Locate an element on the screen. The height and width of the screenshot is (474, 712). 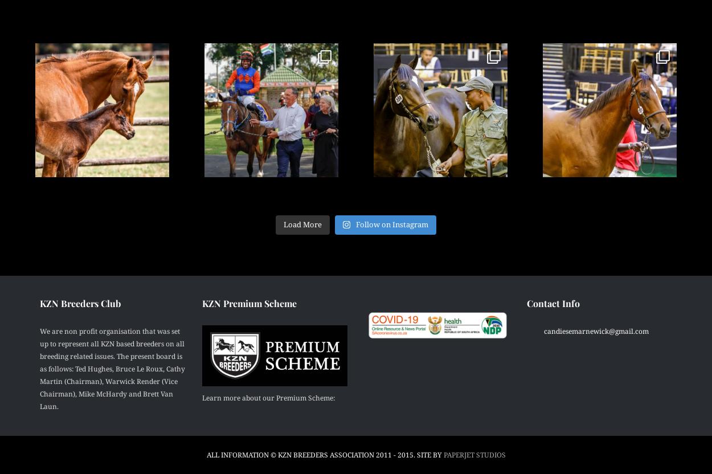
'KZN Premium Scheme' is located at coordinates (249, 303).